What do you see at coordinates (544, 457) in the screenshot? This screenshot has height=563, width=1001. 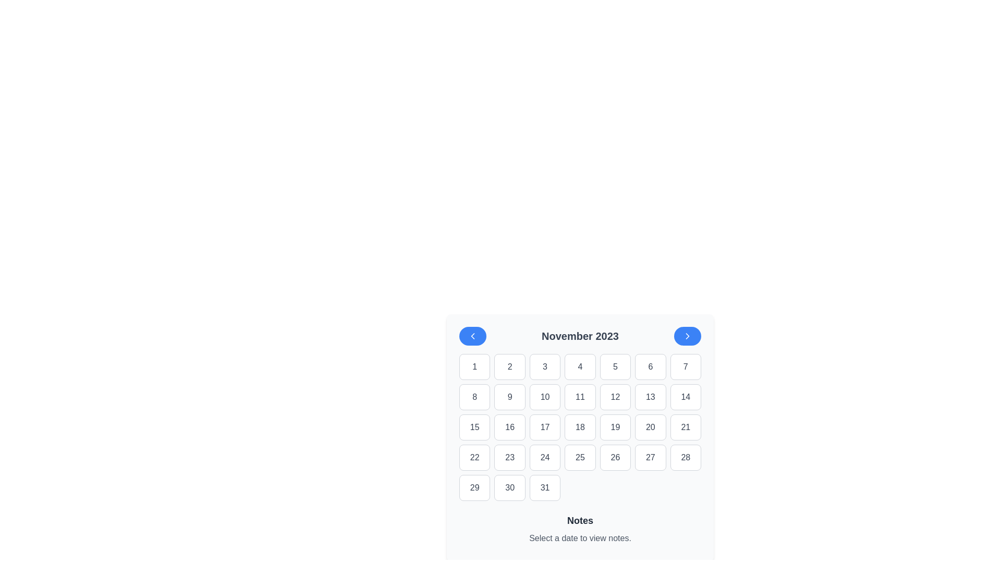 I see `the Interactive calendar day button with the text '24'` at bounding box center [544, 457].